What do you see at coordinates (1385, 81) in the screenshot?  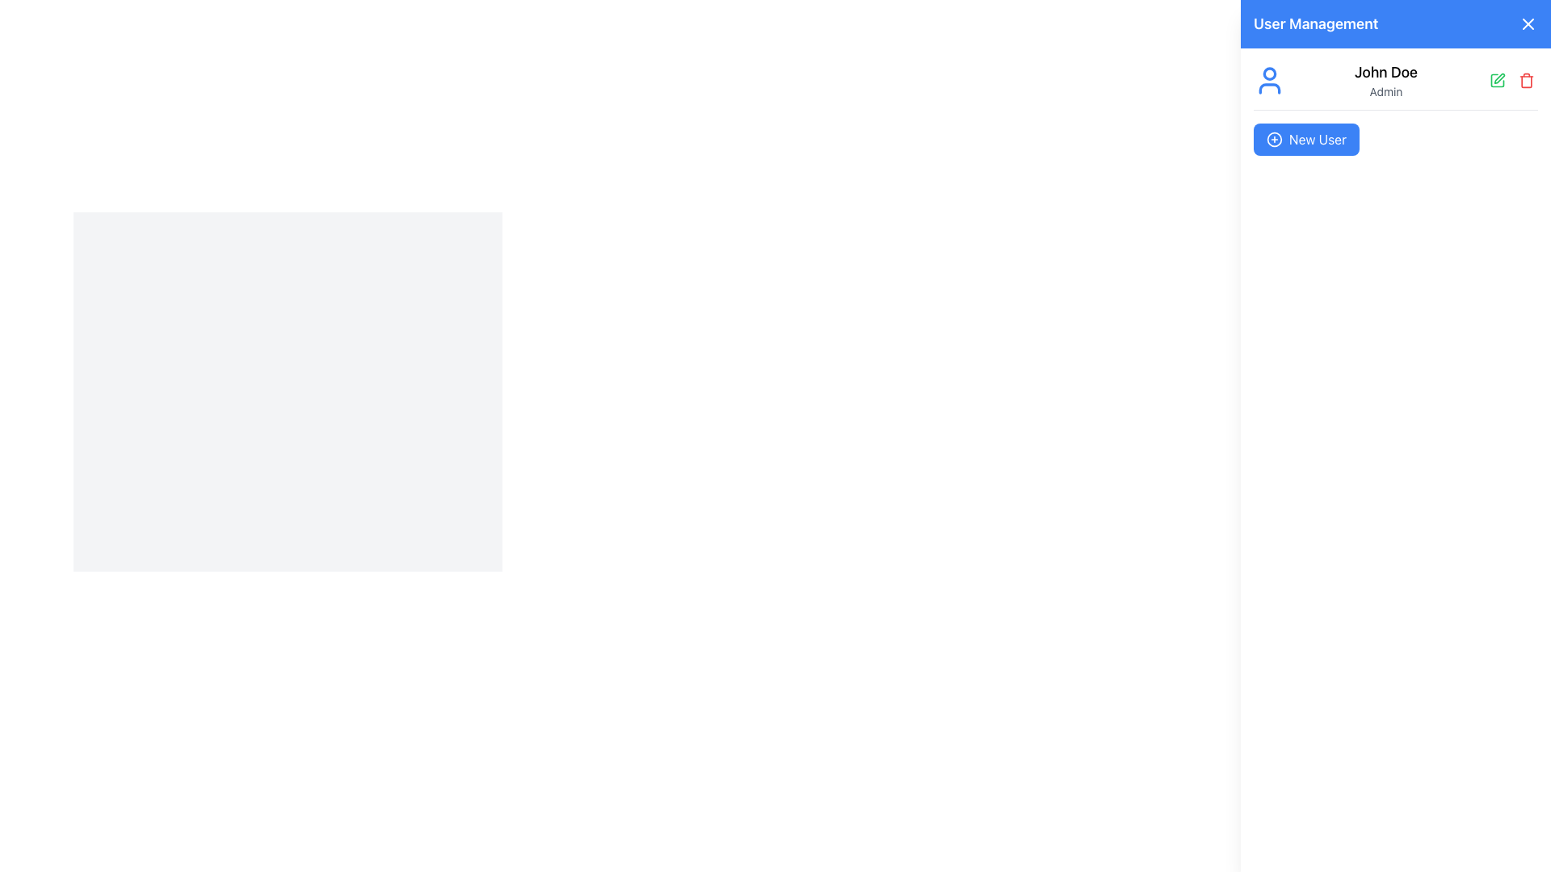 I see `the Text Display that shows the user's name and role, located centrally in the user card of the 'User Management' section` at bounding box center [1385, 81].